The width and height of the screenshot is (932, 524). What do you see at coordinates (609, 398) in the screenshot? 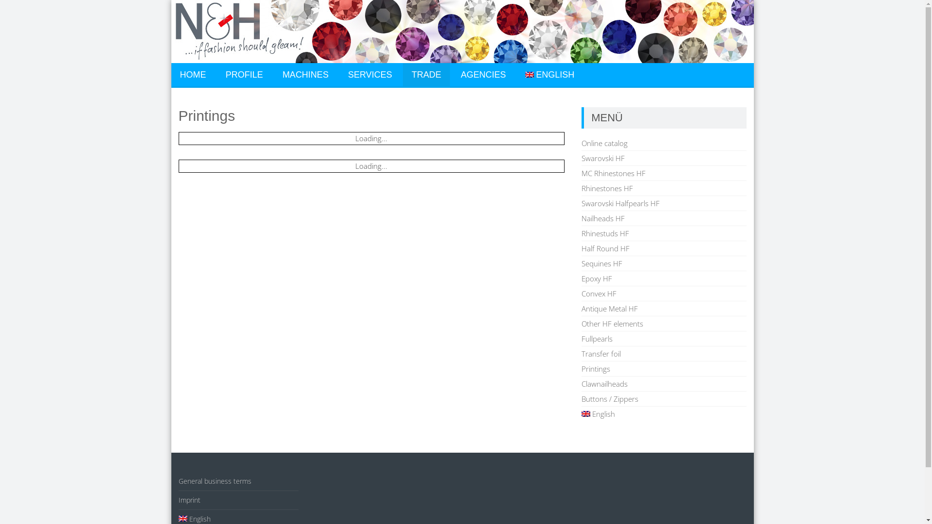
I see `'Buttons / Zippers'` at bounding box center [609, 398].